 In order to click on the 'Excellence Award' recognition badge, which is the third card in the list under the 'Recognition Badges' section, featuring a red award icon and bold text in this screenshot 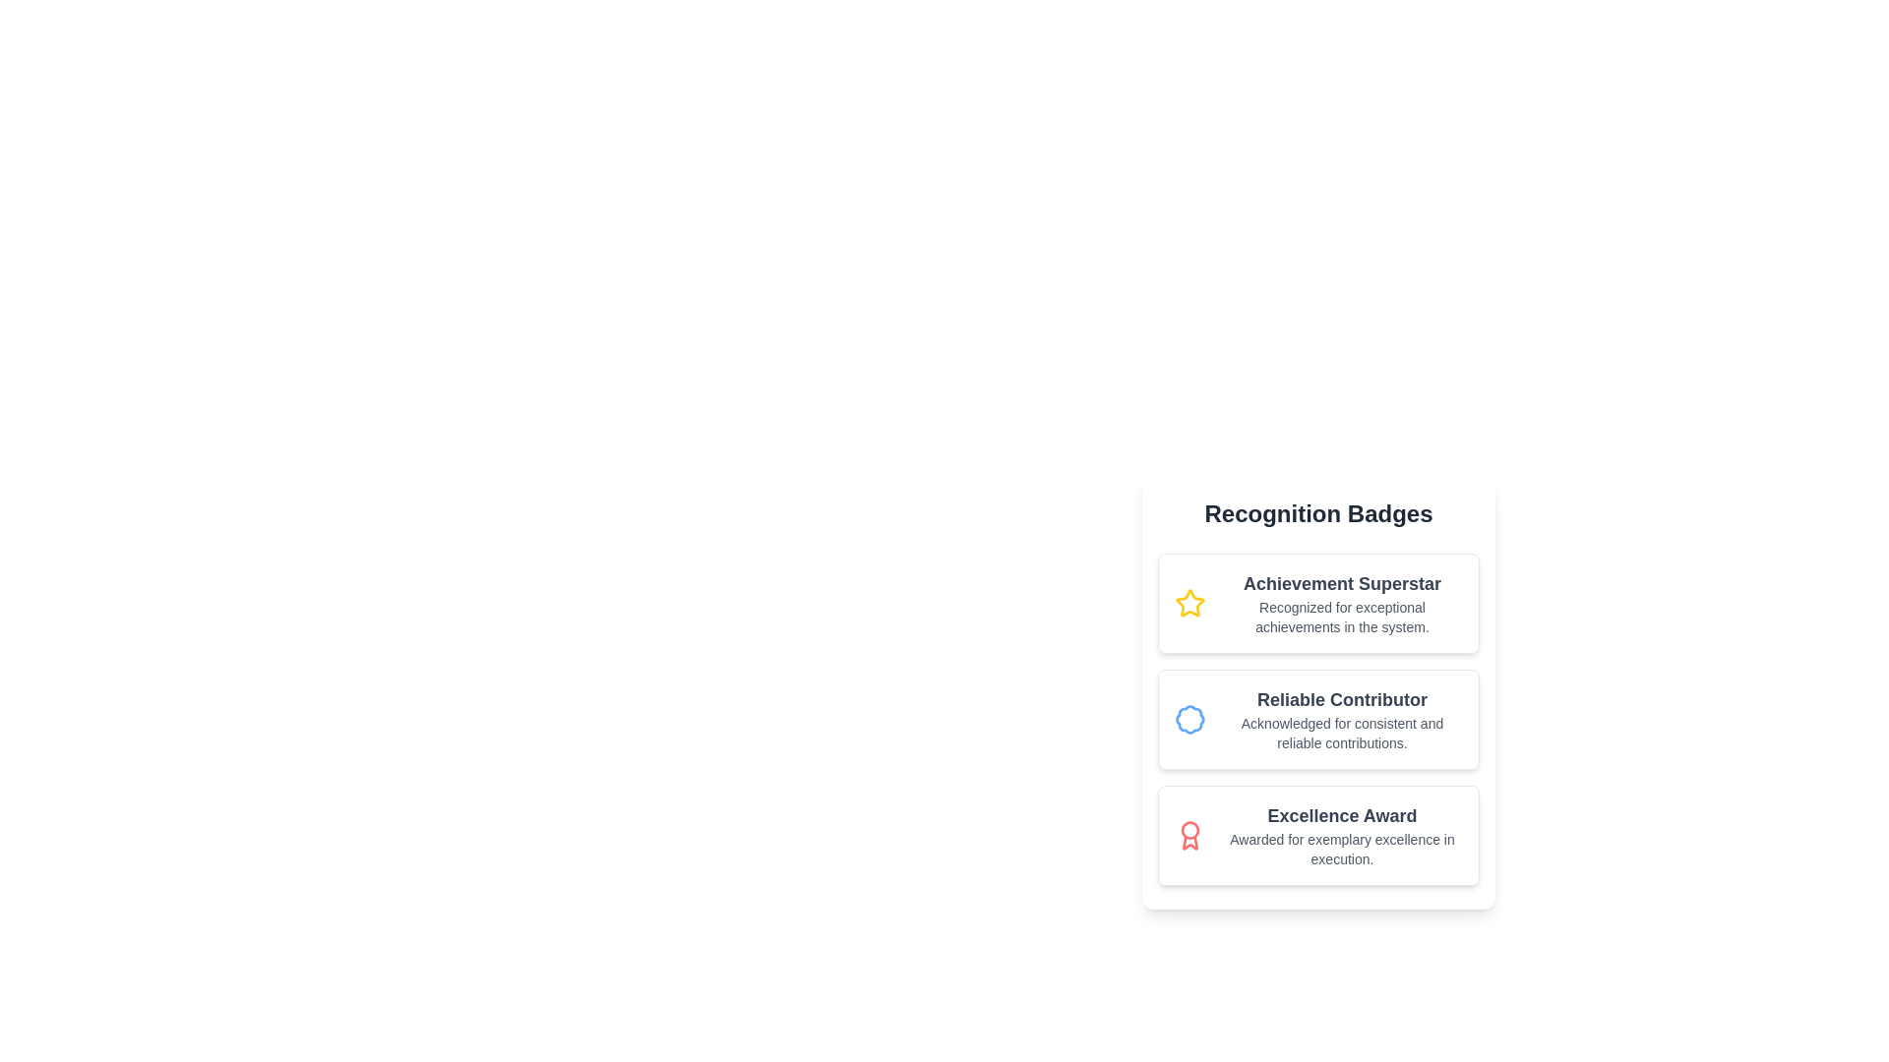, I will do `click(1318, 835)`.